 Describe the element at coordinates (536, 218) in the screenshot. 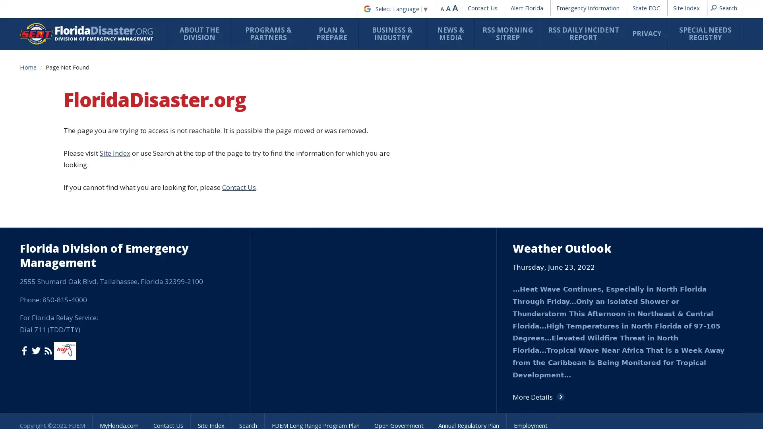

I see `Toggle More` at that location.